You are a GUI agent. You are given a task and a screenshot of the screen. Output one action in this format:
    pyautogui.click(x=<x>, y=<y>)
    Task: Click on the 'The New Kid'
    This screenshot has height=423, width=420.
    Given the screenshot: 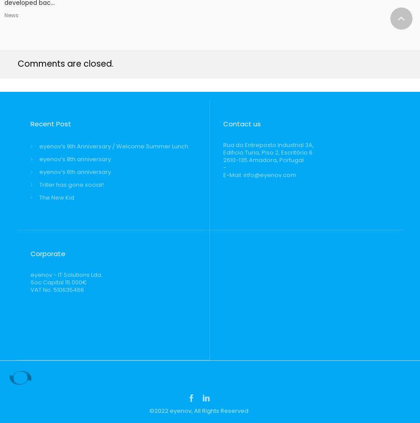 What is the action you would take?
    pyautogui.click(x=57, y=197)
    